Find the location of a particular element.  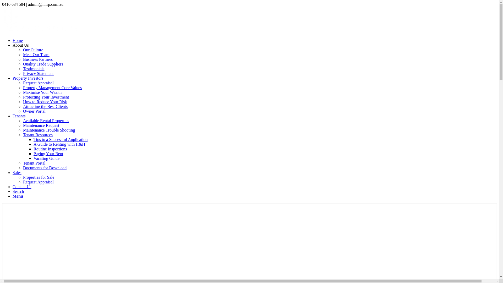

'Quality Trade Suppliers' is located at coordinates (43, 64).